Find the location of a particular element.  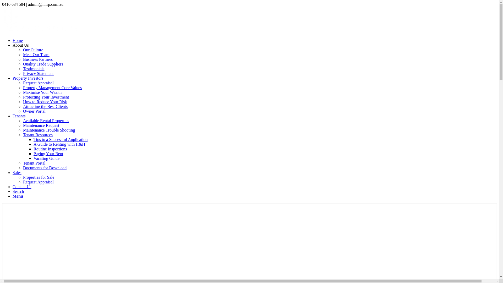

'Quality Trade Suppliers' is located at coordinates (43, 64).